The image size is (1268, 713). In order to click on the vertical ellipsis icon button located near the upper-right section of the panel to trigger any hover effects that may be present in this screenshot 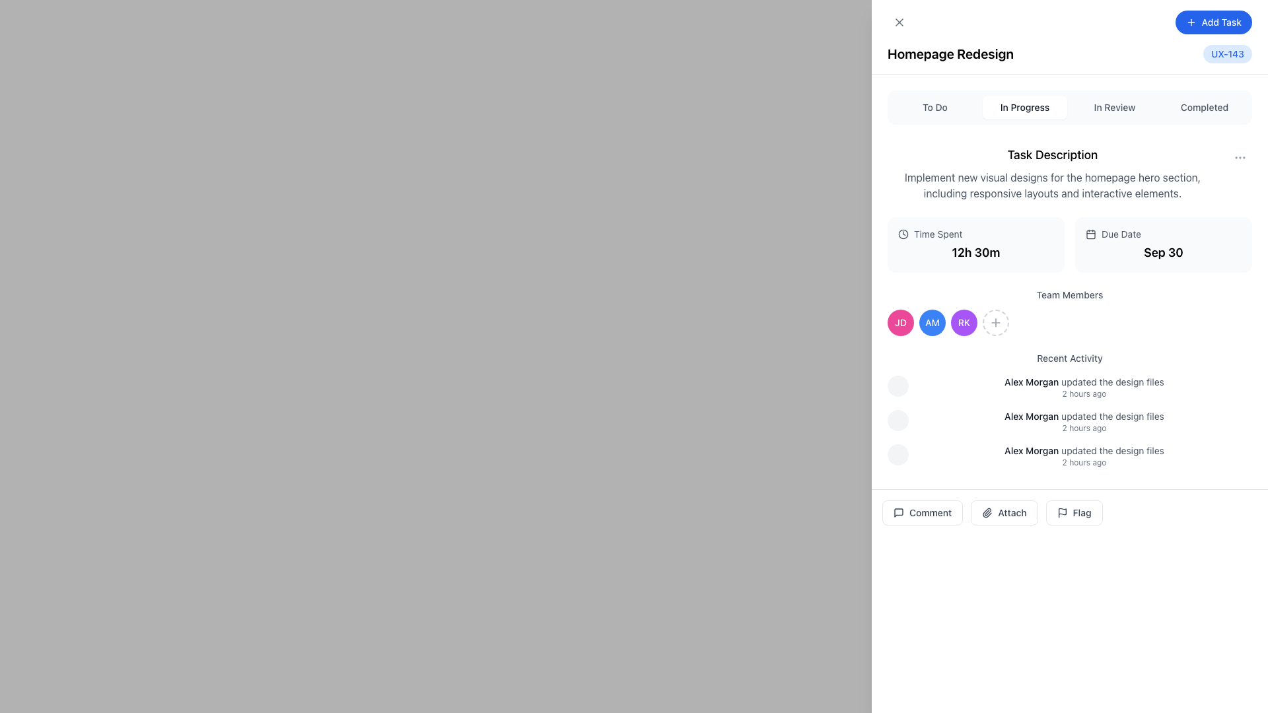, I will do `click(1239, 157)`.